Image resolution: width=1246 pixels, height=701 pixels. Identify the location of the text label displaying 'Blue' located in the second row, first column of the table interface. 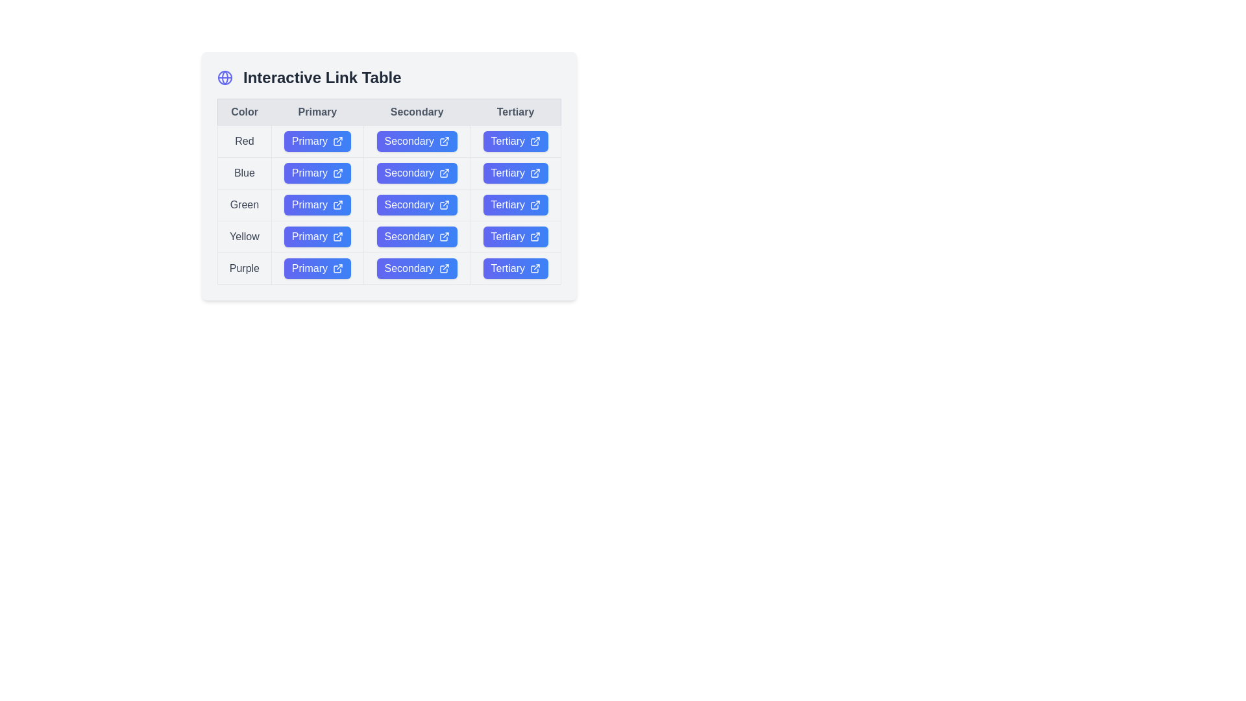
(244, 172).